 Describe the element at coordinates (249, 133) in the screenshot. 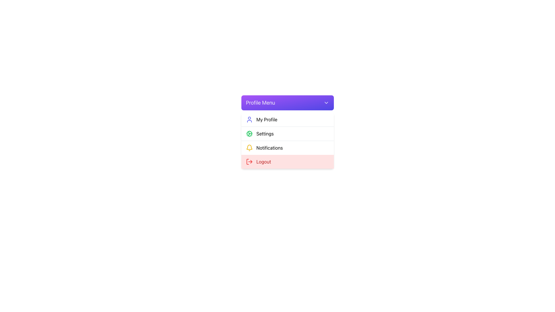

I see `the cog icon that is located to the left of the 'Settings' label in the 'Settings' menu entry, which is the second item in the dropdown list under 'Profile Menu'` at that location.